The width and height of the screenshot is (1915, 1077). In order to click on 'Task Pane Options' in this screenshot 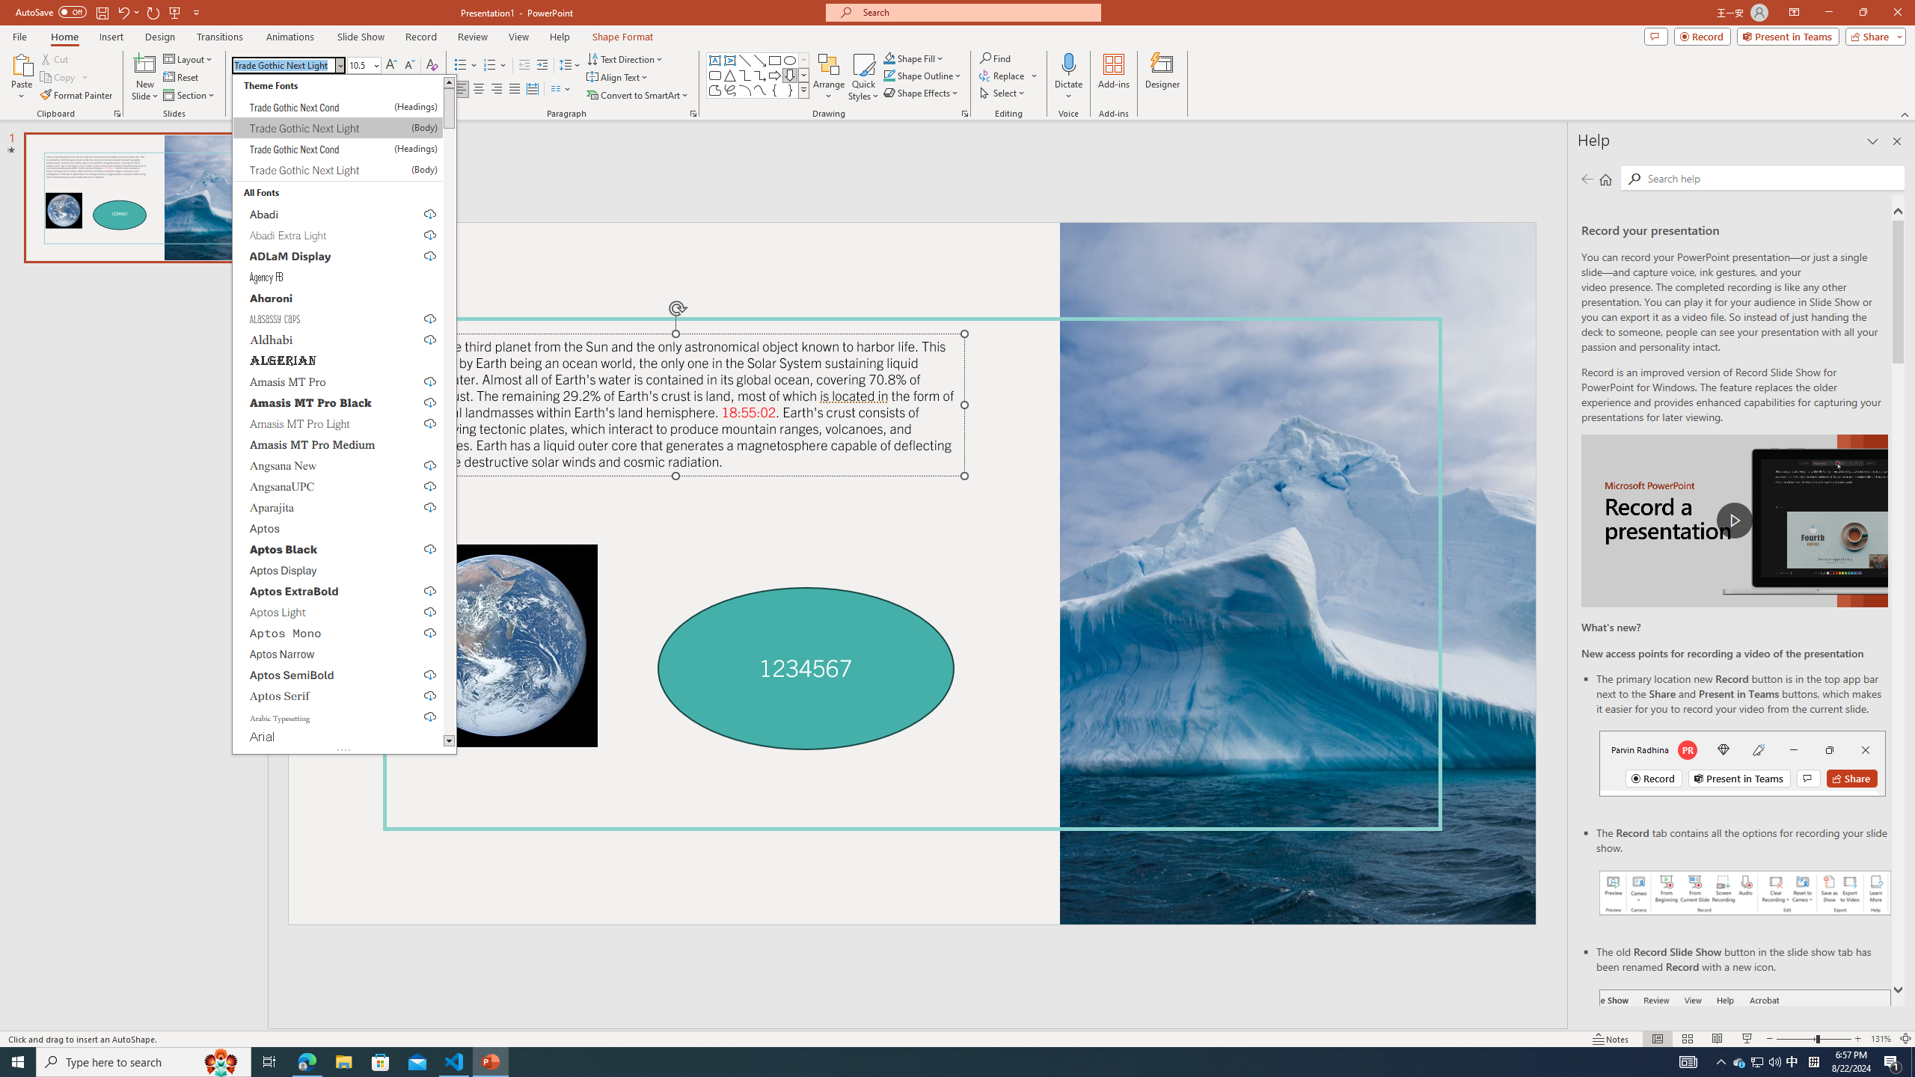, I will do `click(1872, 141)`.